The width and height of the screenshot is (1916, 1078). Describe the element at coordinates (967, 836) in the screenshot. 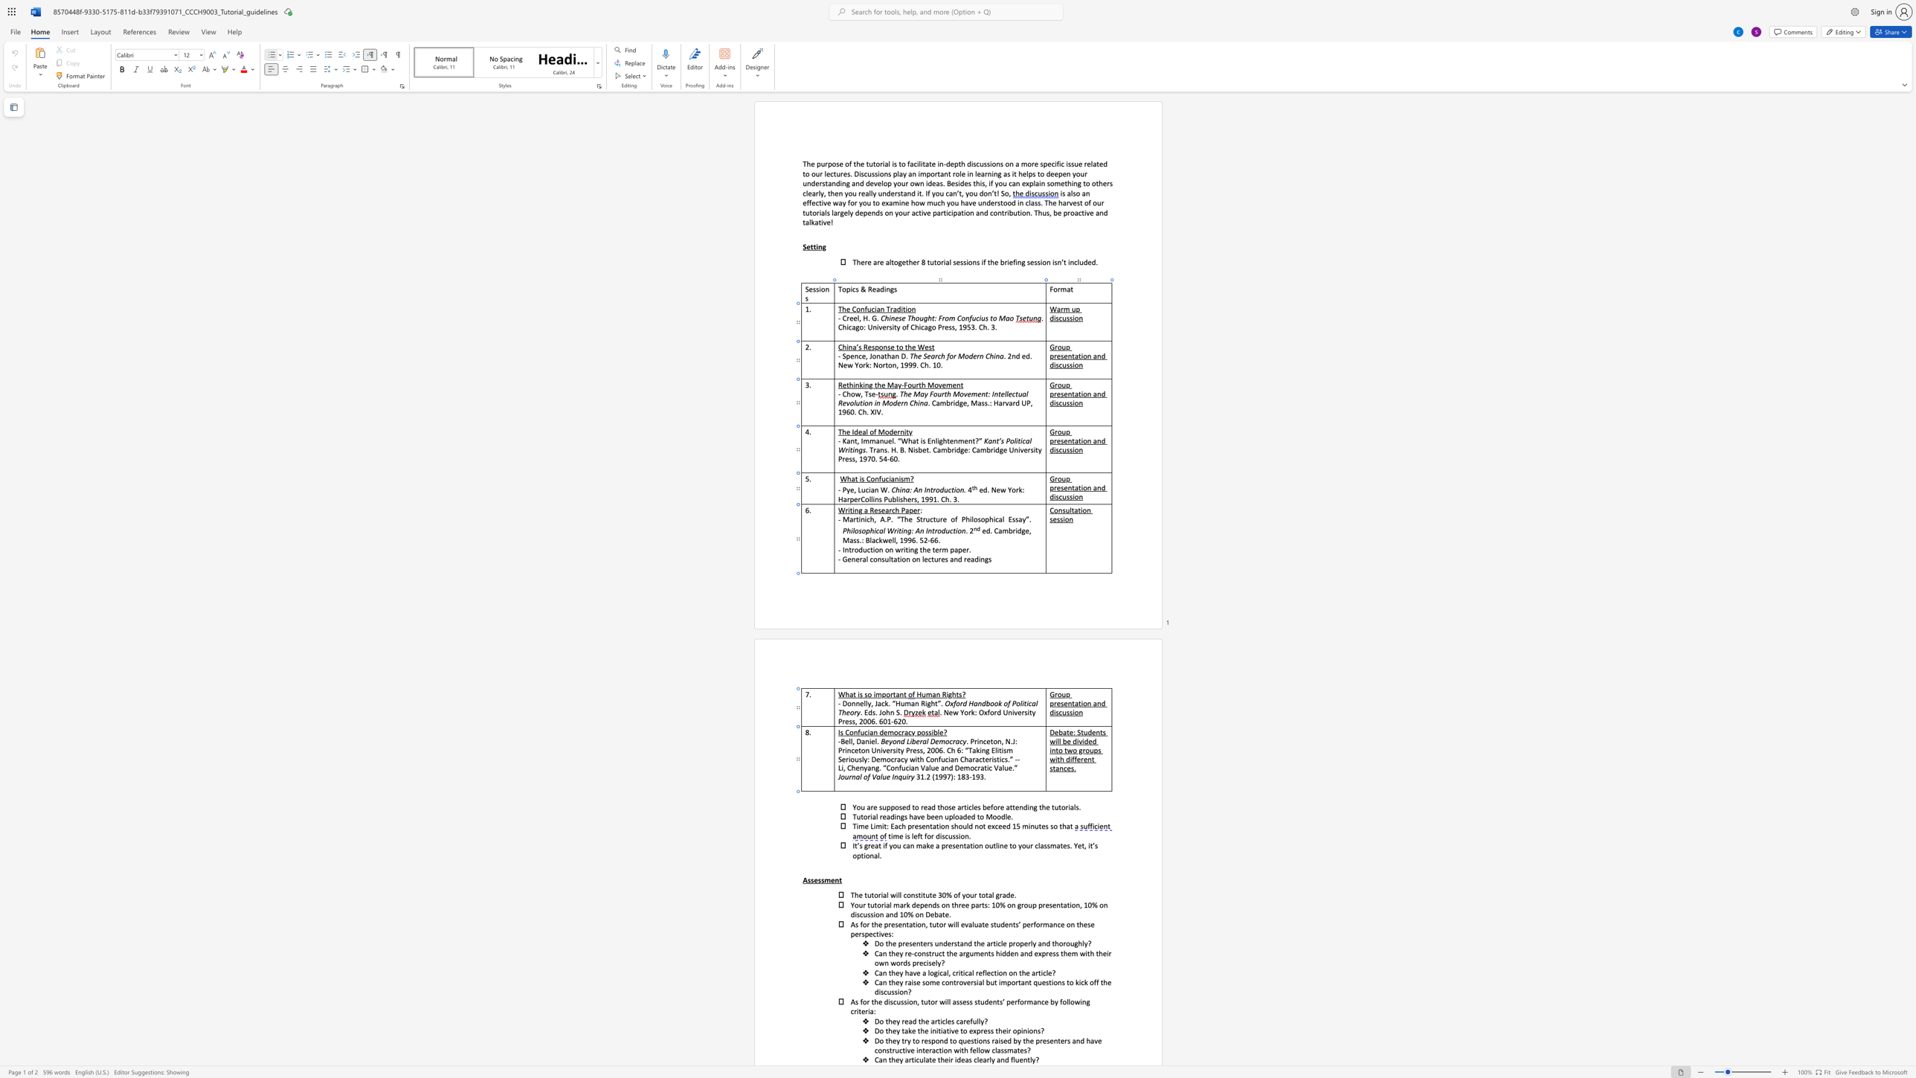

I see `the 1th character "n" in the text` at that location.